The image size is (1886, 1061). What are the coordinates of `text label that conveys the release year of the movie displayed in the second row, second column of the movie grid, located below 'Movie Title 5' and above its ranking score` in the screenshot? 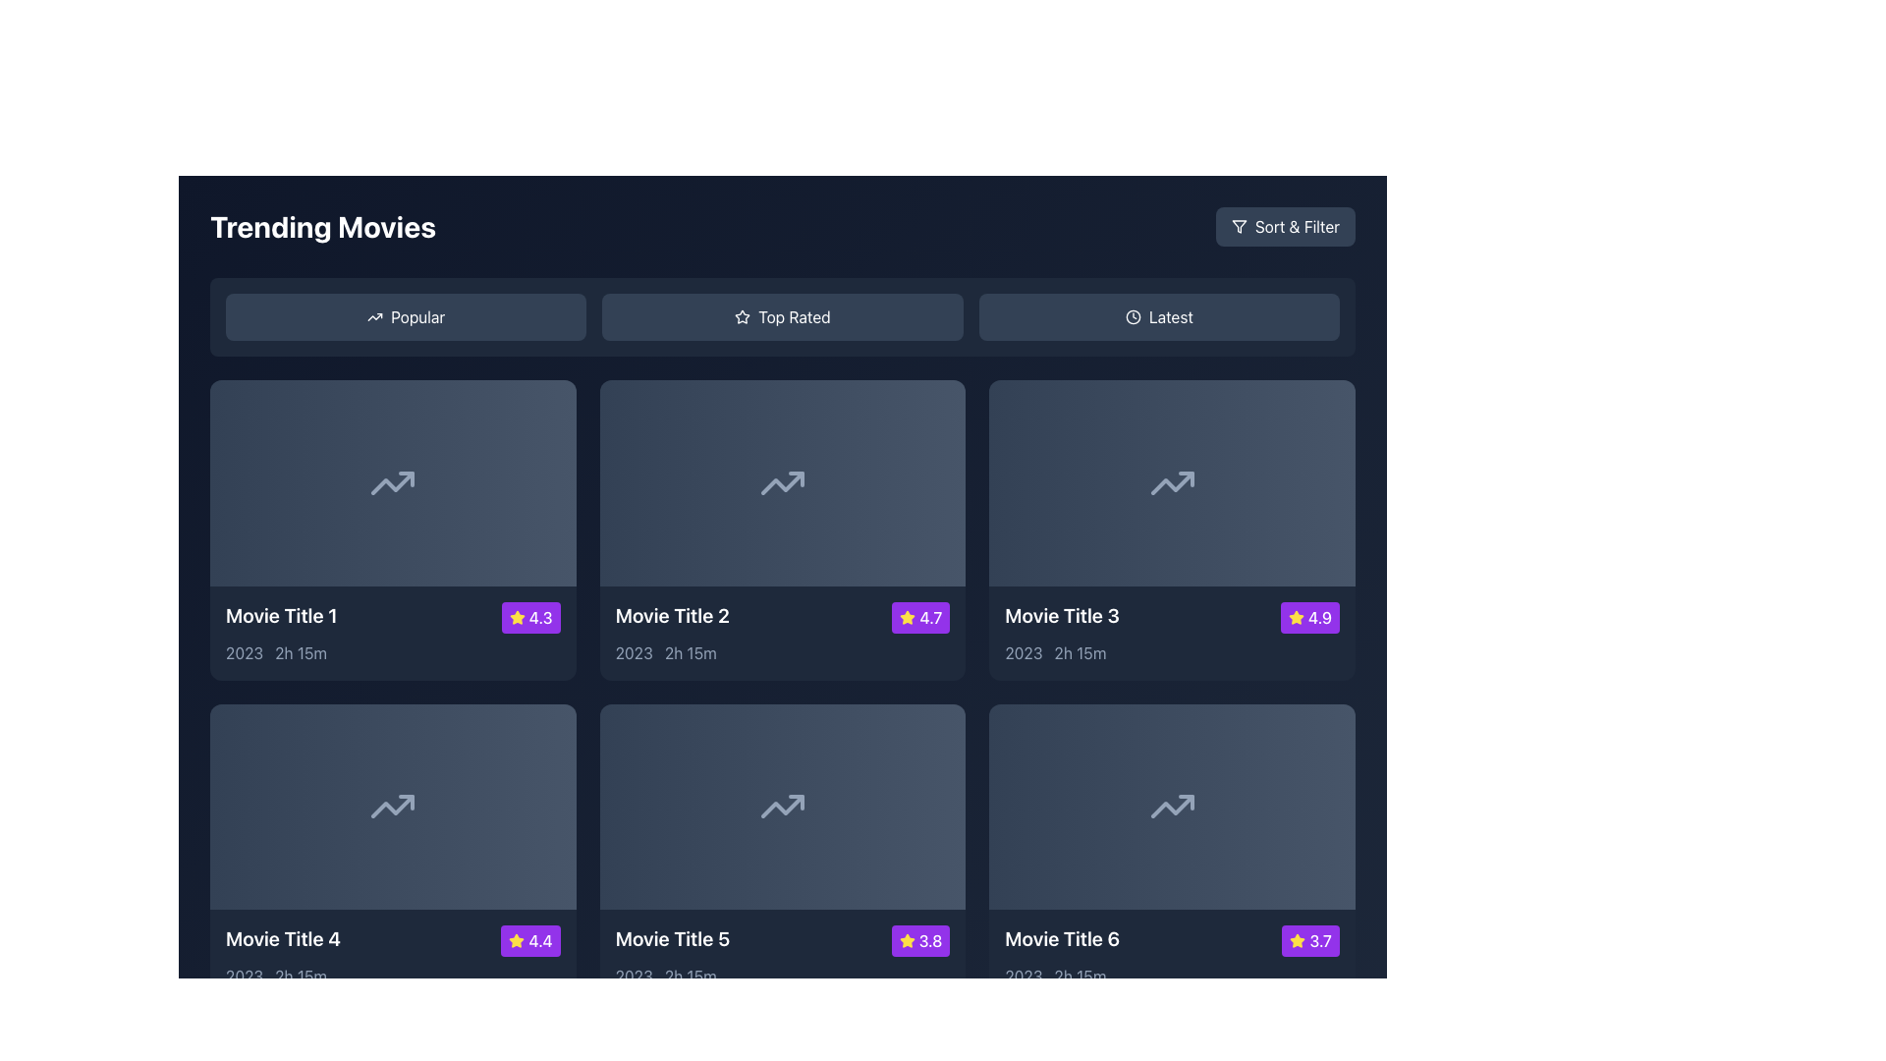 It's located at (634, 977).